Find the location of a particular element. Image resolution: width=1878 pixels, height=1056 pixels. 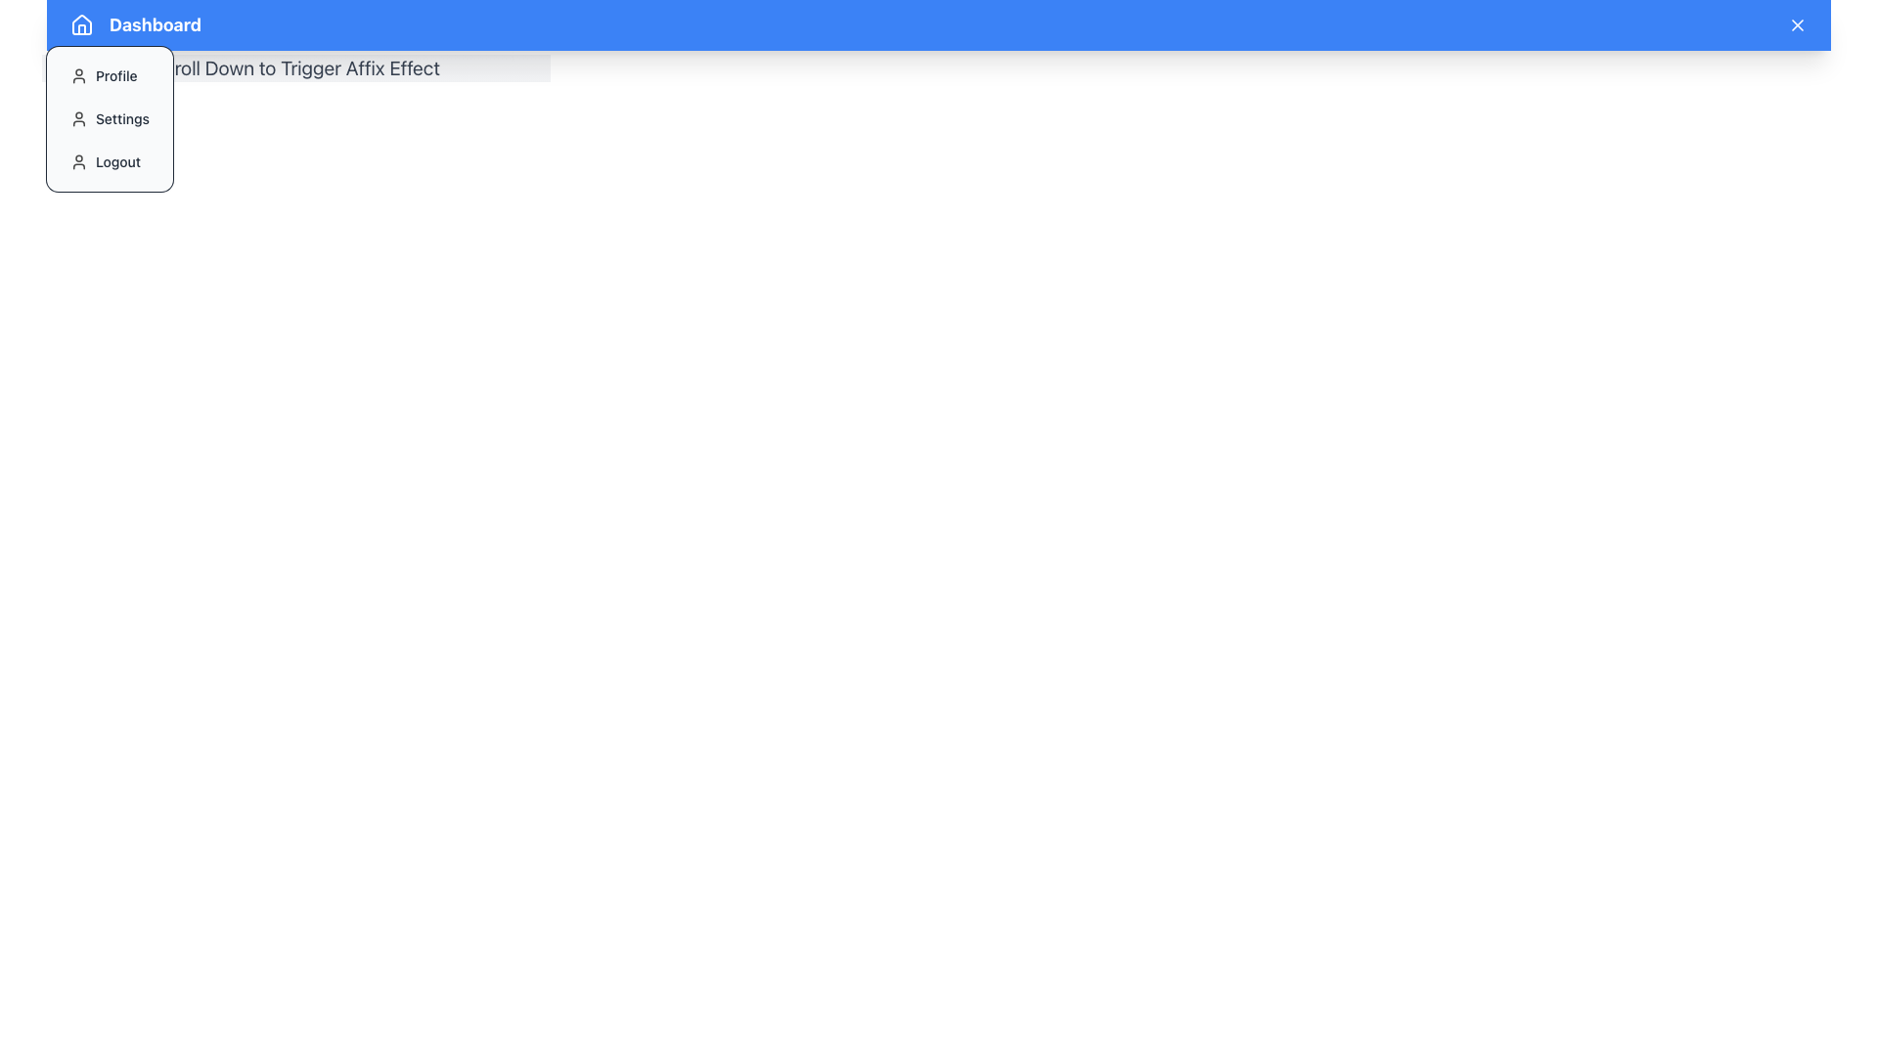

the 'Profile' list item, which is the topmost item in the vertical group containing 'Profile', 'Settings', and 'Logout'. It has a user profile icon and a light hover effect is located at coordinates (109, 74).